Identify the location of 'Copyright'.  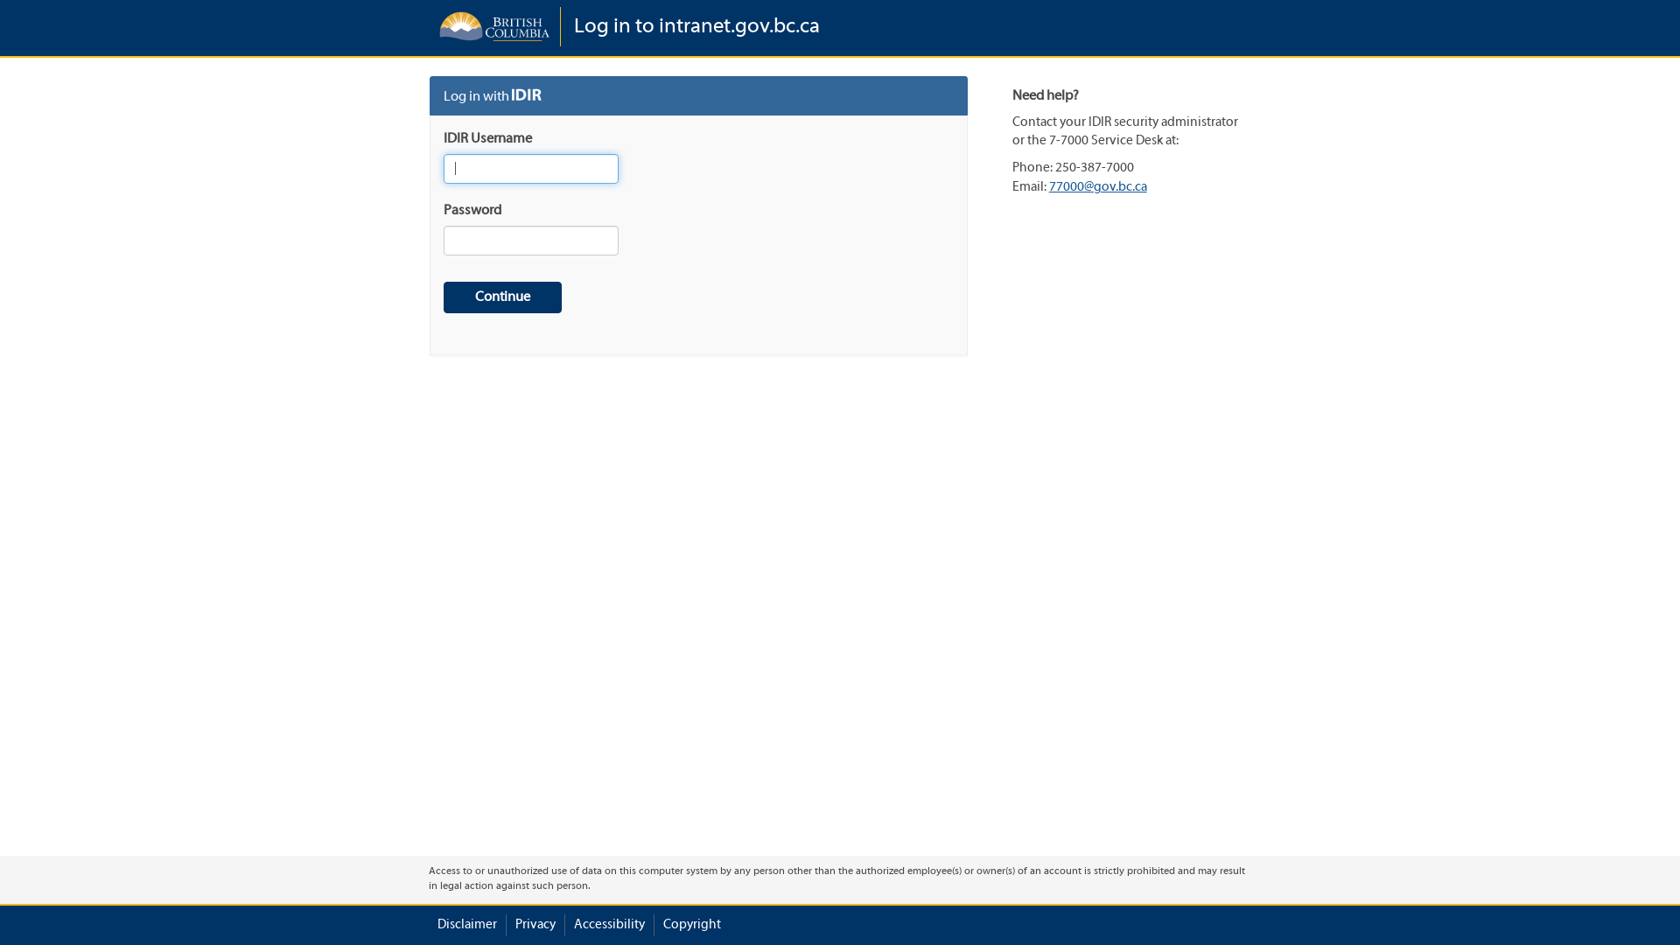
(691, 924).